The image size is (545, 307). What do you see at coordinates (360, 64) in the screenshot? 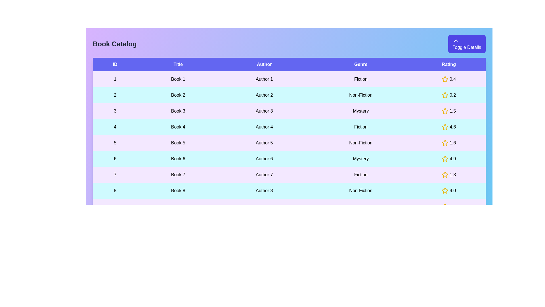
I see `the header of the column to sort the table by Genre` at bounding box center [360, 64].